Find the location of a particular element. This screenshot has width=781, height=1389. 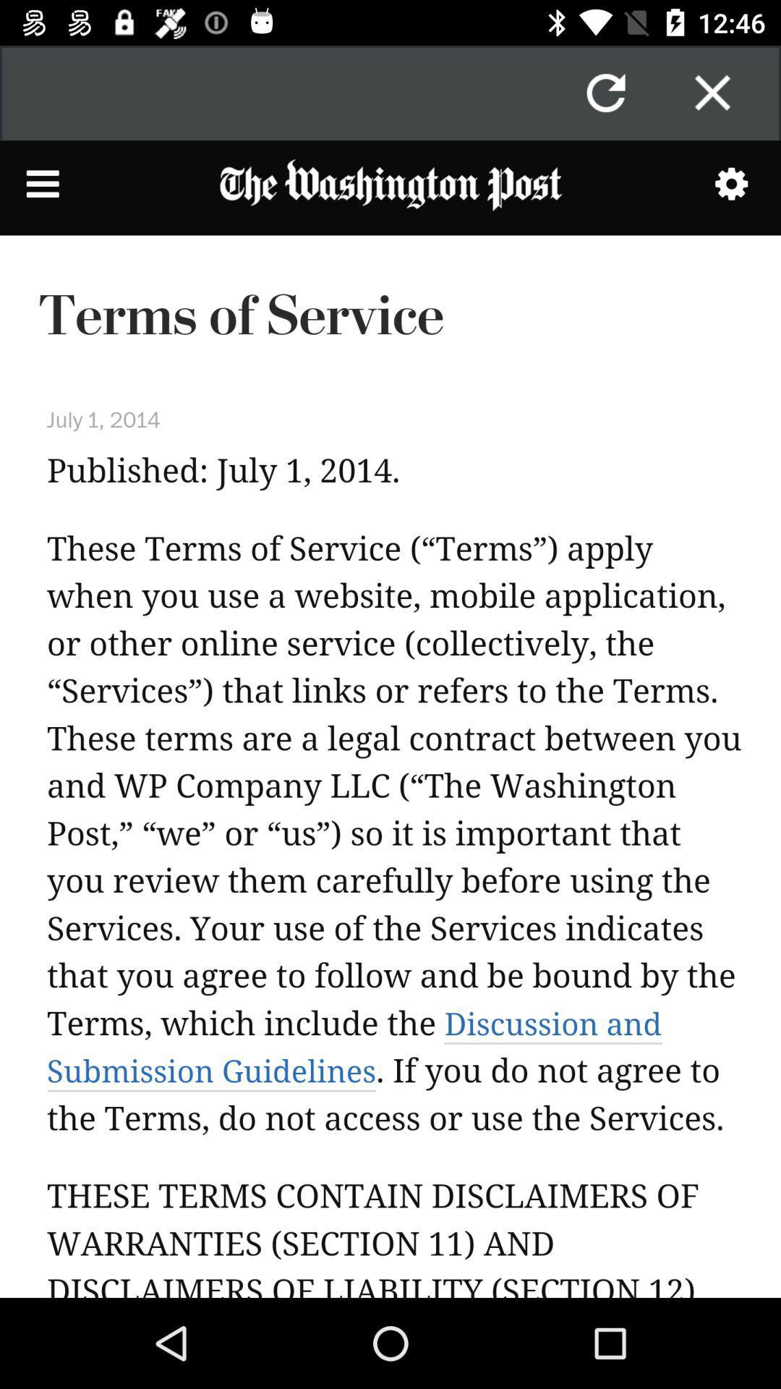

window is located at coordinates (712, 92).